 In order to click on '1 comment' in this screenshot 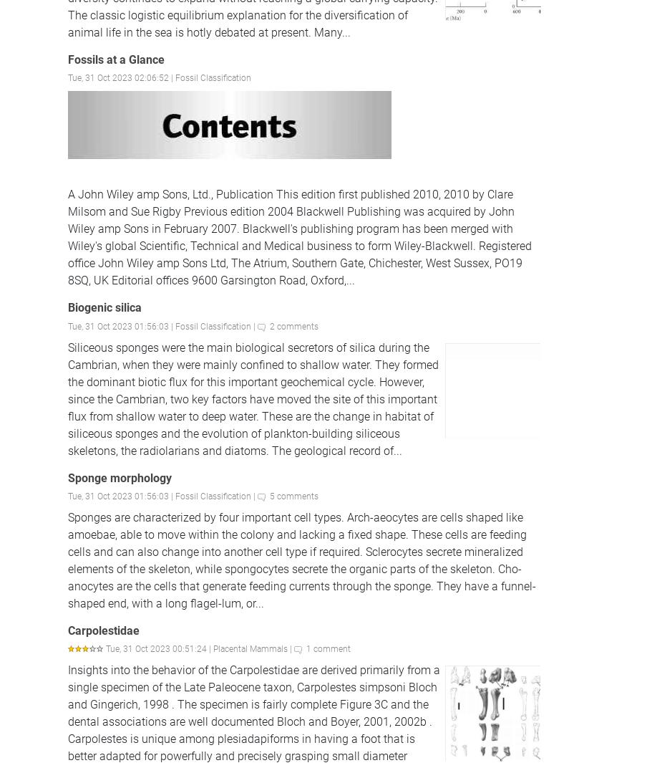, I will do `click(306, 648)`.